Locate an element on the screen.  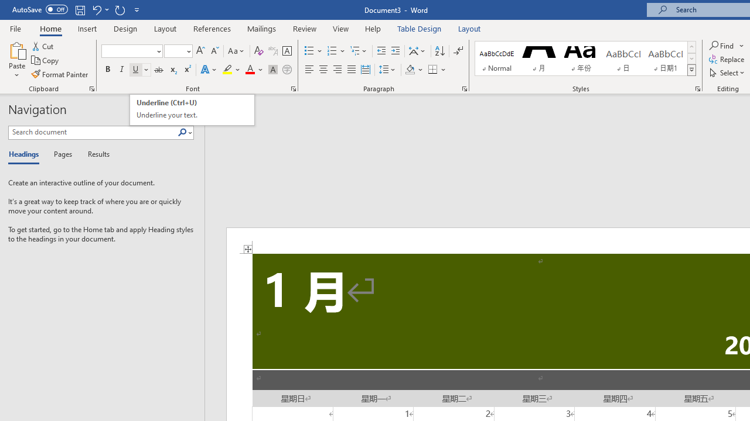
'Search document' is located at coordinates (92, 132).